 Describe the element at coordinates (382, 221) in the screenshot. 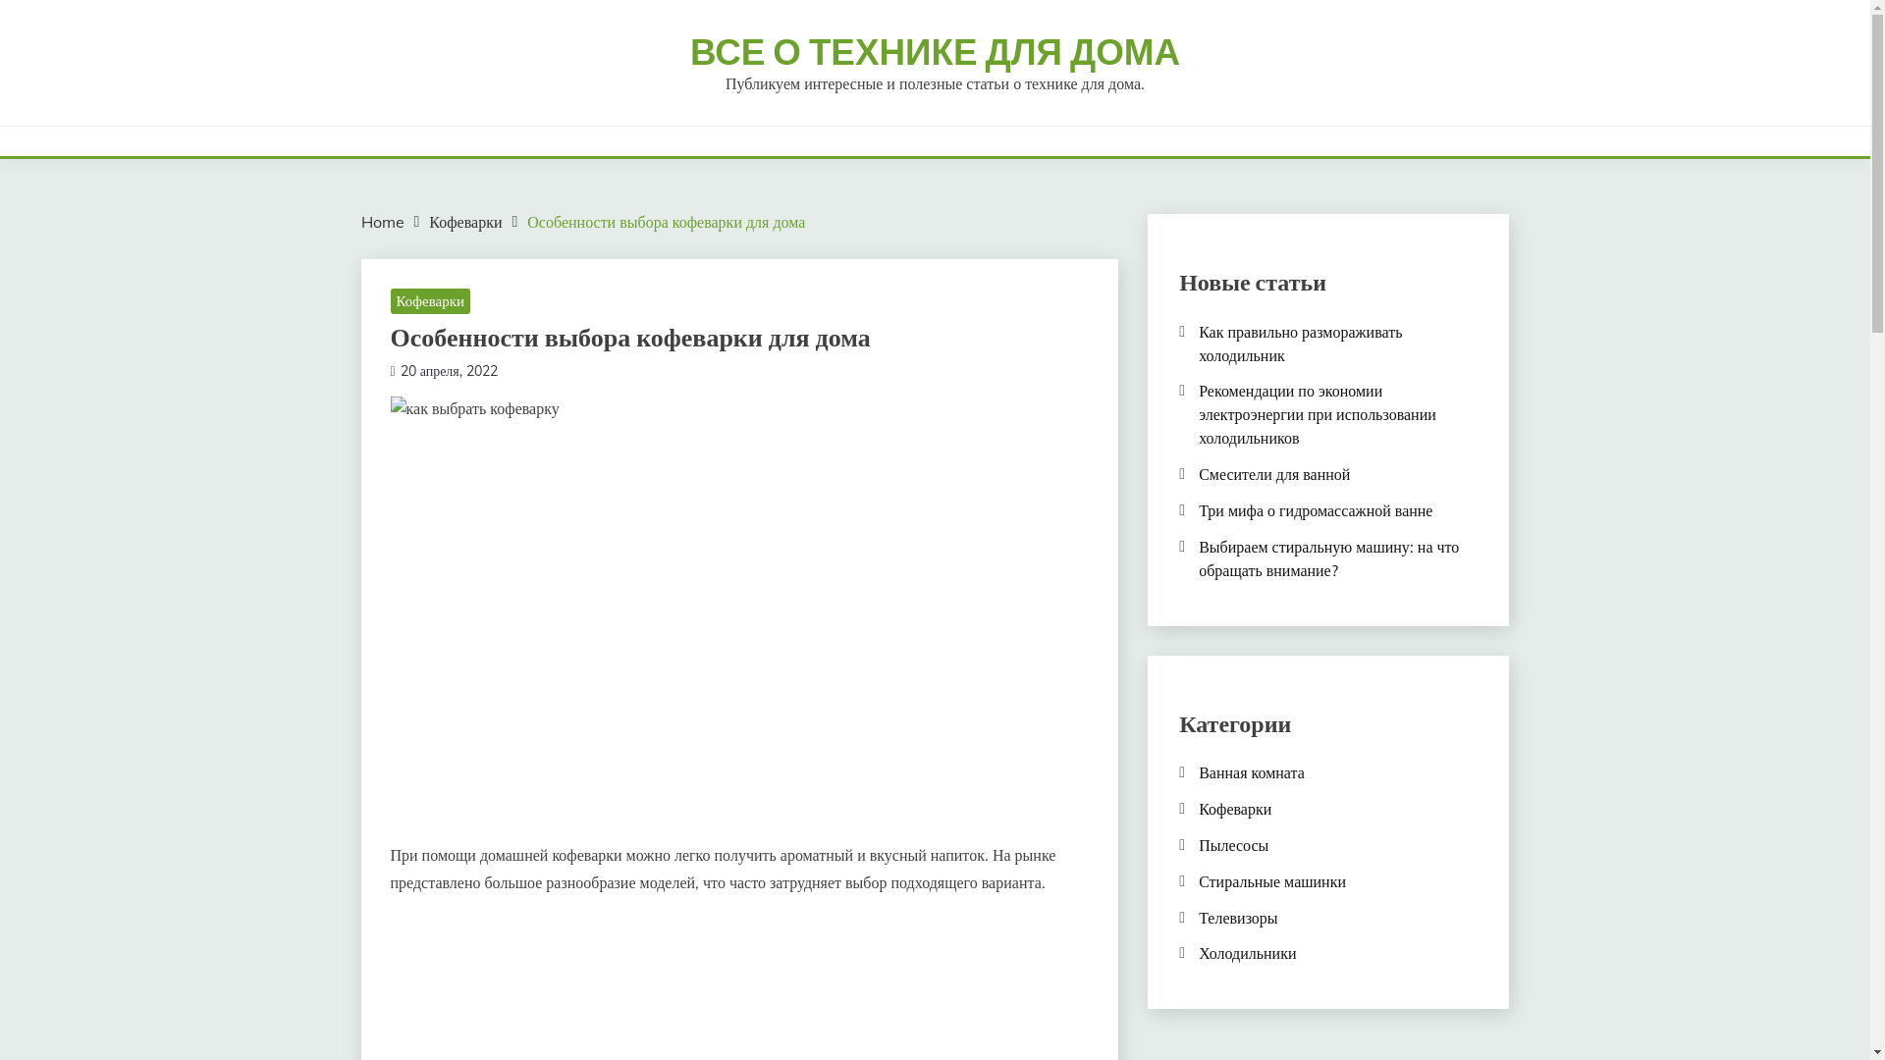

I see `'Home'` at that location.